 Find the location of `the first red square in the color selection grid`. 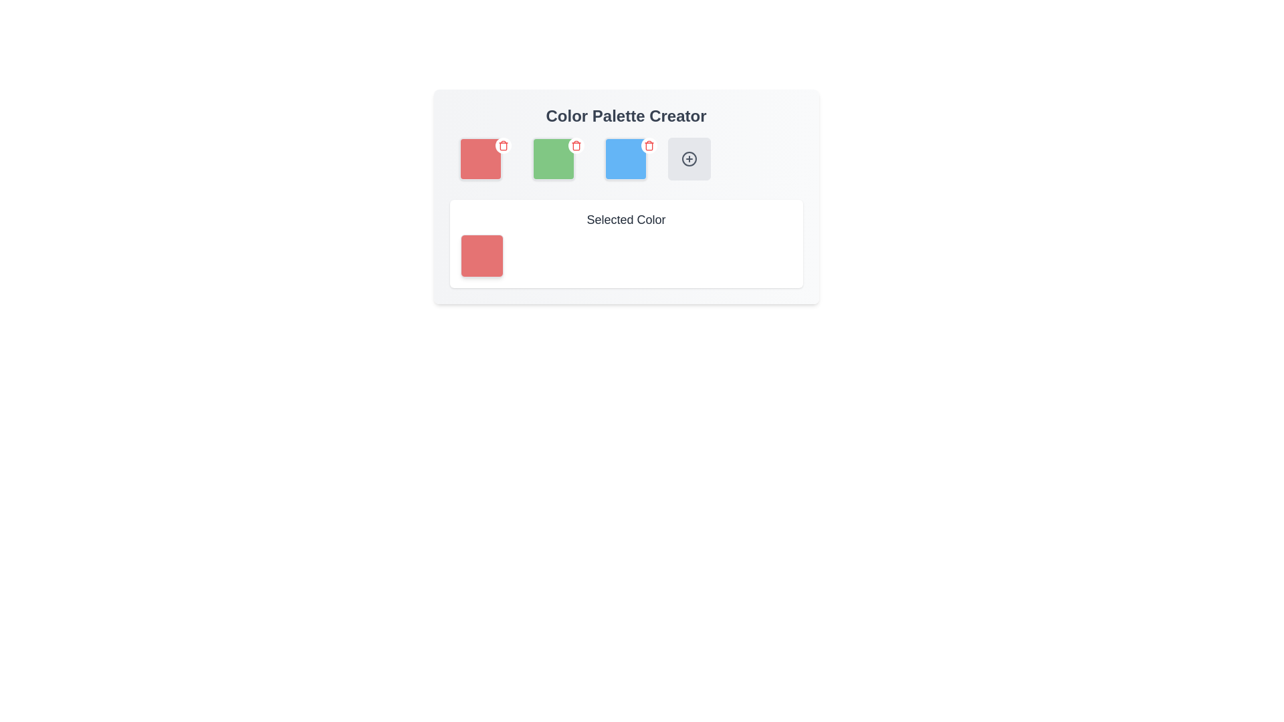

the first red square in the color selection grid is located at coordinates (480, 160).